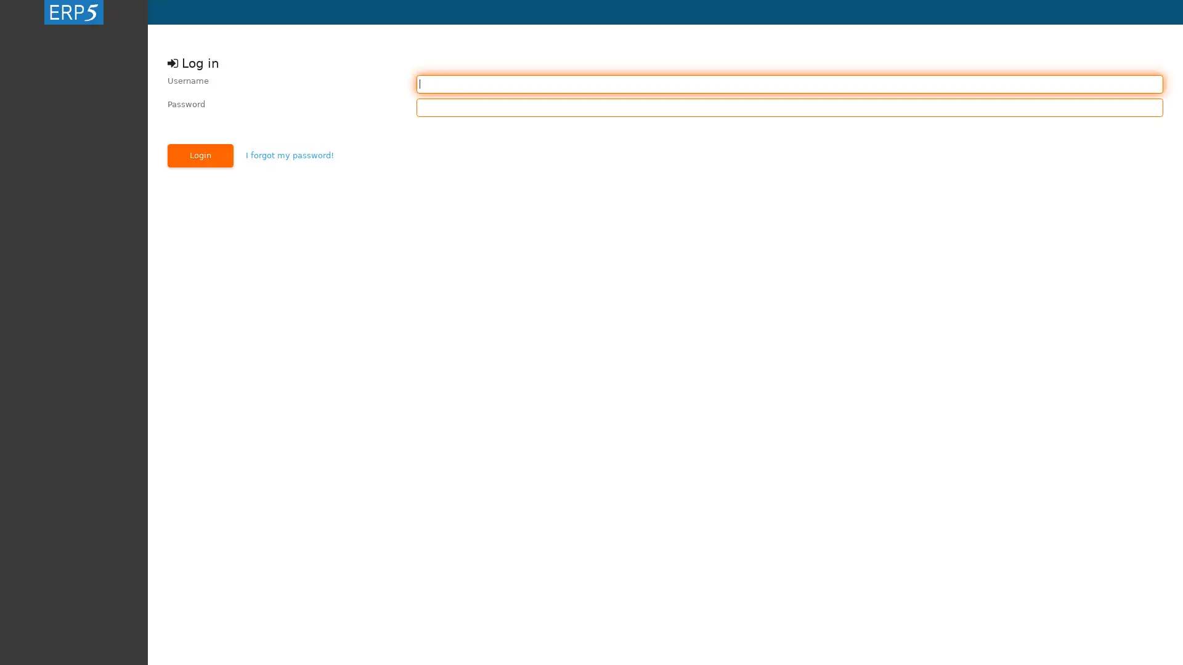 The width and height of the screenshot is (1183, 665). I want to click on Login, so click(200, 154).